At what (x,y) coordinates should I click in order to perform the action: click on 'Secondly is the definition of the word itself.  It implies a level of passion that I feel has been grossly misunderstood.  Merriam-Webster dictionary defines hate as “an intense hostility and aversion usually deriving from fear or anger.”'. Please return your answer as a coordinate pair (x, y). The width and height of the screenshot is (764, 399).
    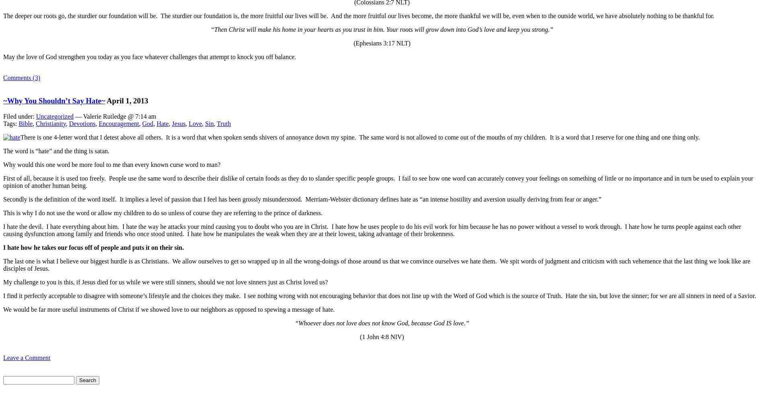
    Looking at the image, I should click on (3, 199).